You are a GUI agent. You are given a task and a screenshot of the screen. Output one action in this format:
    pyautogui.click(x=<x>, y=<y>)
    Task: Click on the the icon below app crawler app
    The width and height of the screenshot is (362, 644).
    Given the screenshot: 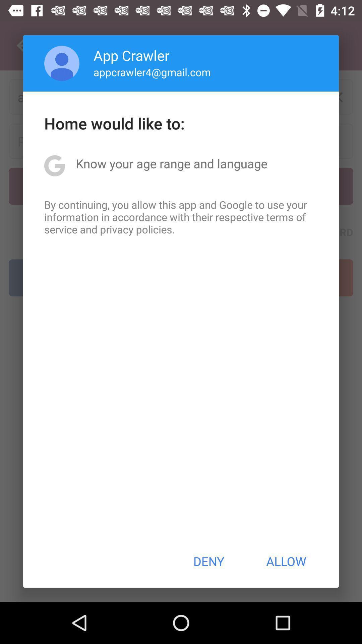 What is the action you would take?
    pyautogui.click(x=152, y=72)
    